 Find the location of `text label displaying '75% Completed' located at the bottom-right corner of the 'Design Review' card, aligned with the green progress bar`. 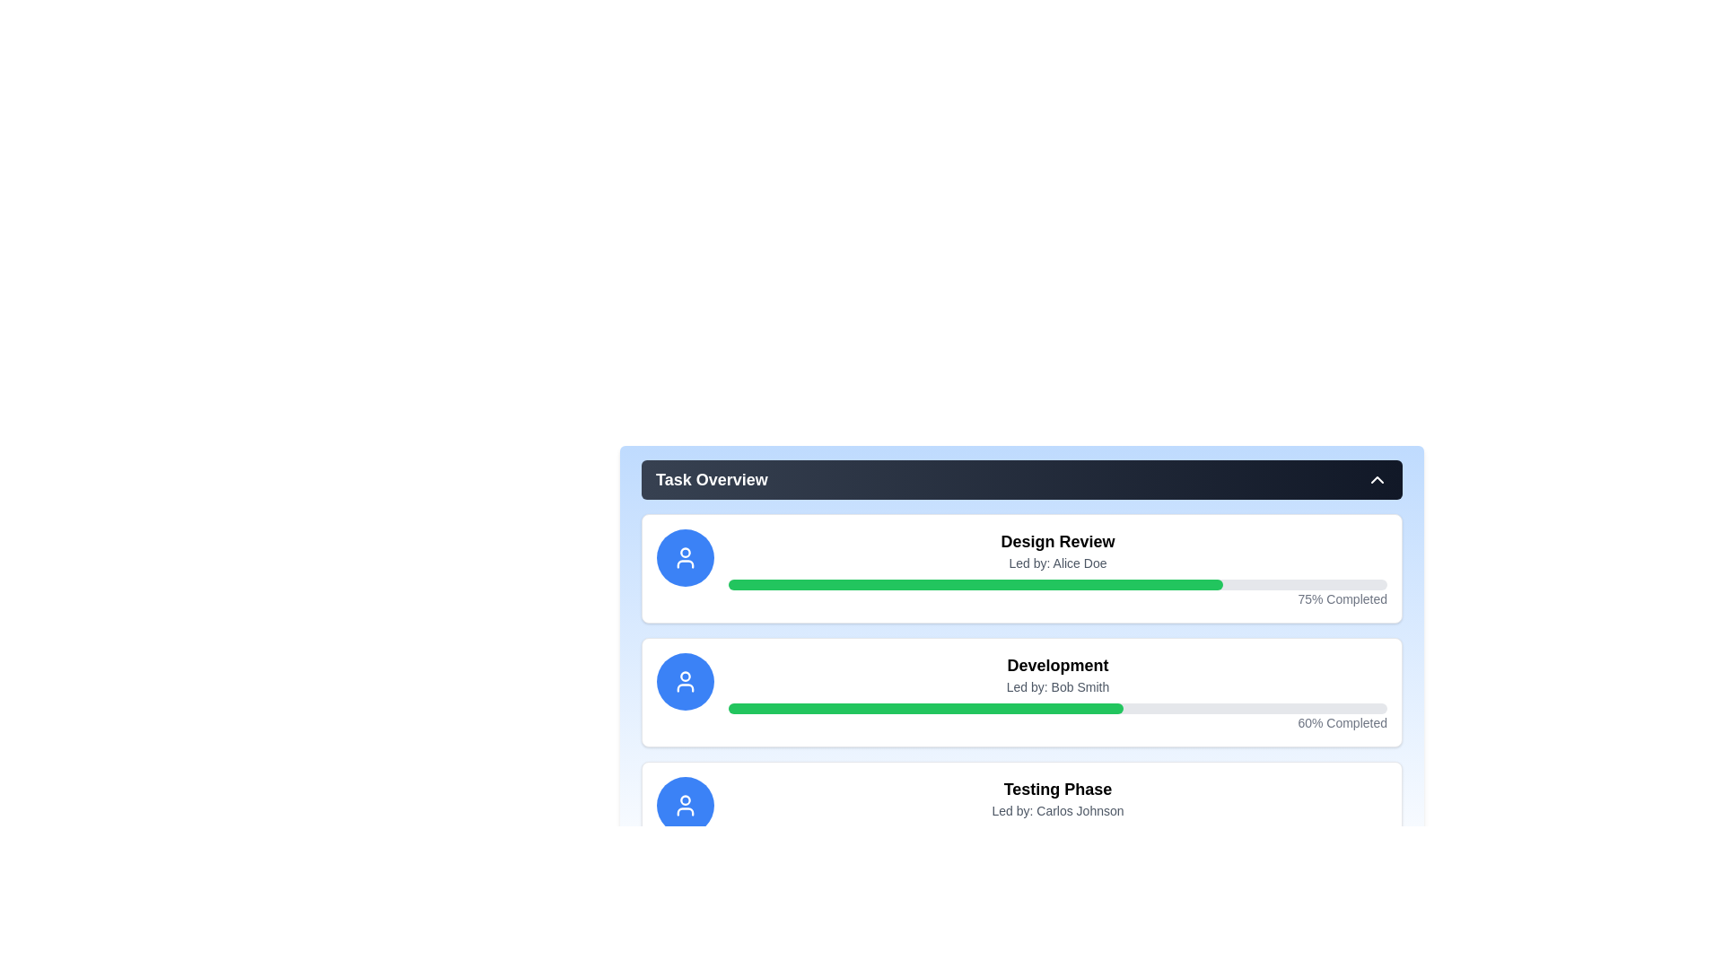

text label displaying '75% Completed' located at the bottom-right corner of the 'Design Review' card, aligned with the green progress bar is located at coordinates (1058, 598).